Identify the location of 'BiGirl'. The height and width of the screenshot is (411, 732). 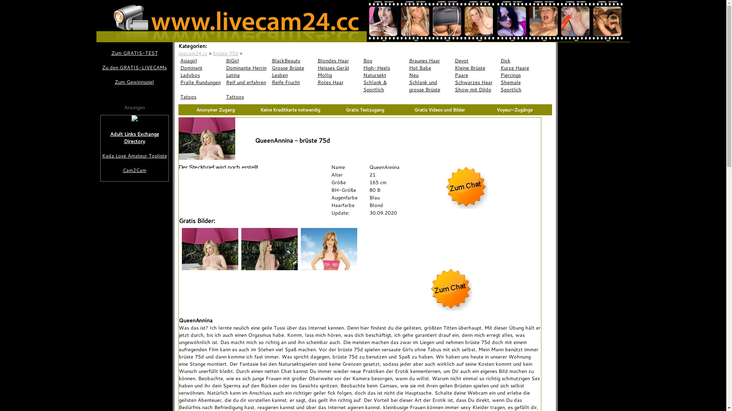
(247, 60).